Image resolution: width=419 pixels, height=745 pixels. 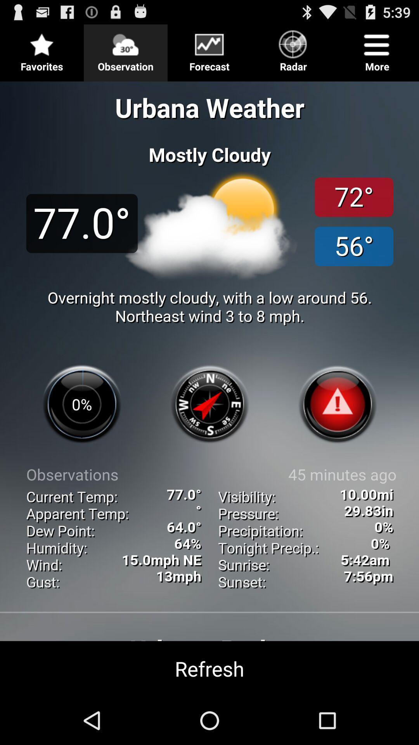 What do you see at coordinates (209, 386) in the screenshot?
I see `the entire article` at bounding box center [209, 386].